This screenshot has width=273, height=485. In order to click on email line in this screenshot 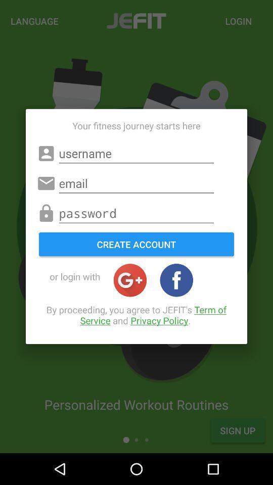, I will do `click(136, 183)`.